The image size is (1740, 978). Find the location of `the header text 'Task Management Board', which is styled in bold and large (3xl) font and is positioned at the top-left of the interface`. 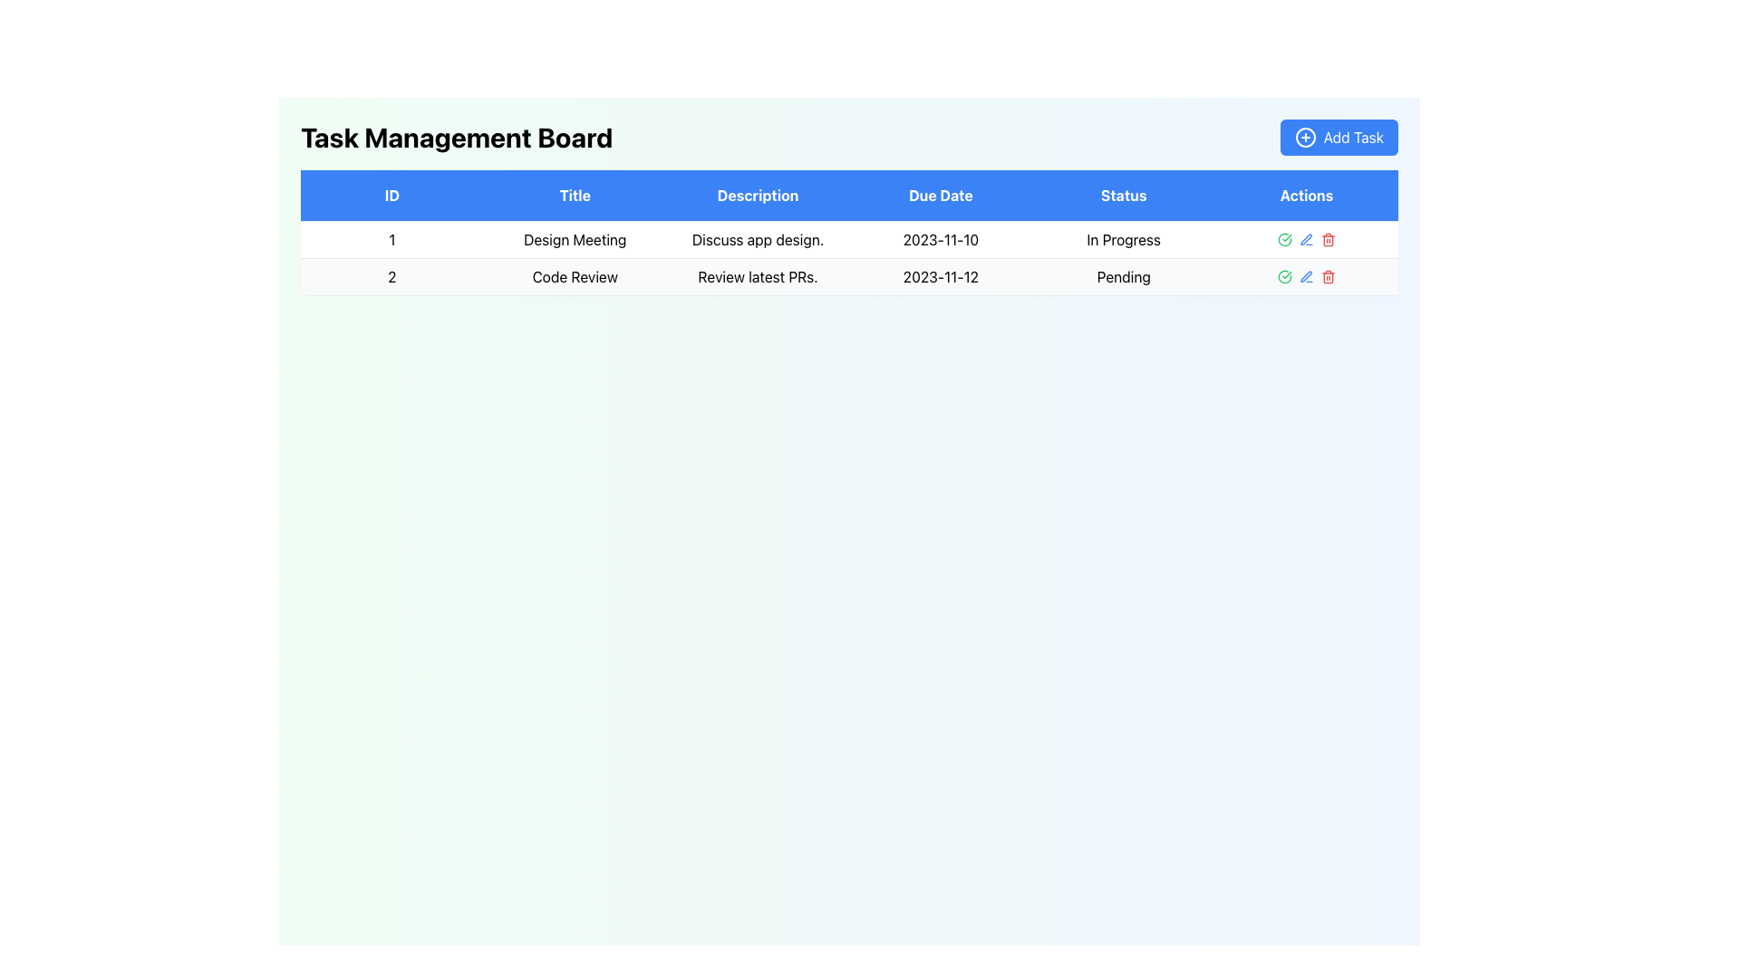

the header text 'Task Management Board', which is styled in bold and large (3xl) font and is positioned at the top-left of the interface is located at coordinates (457, 136).